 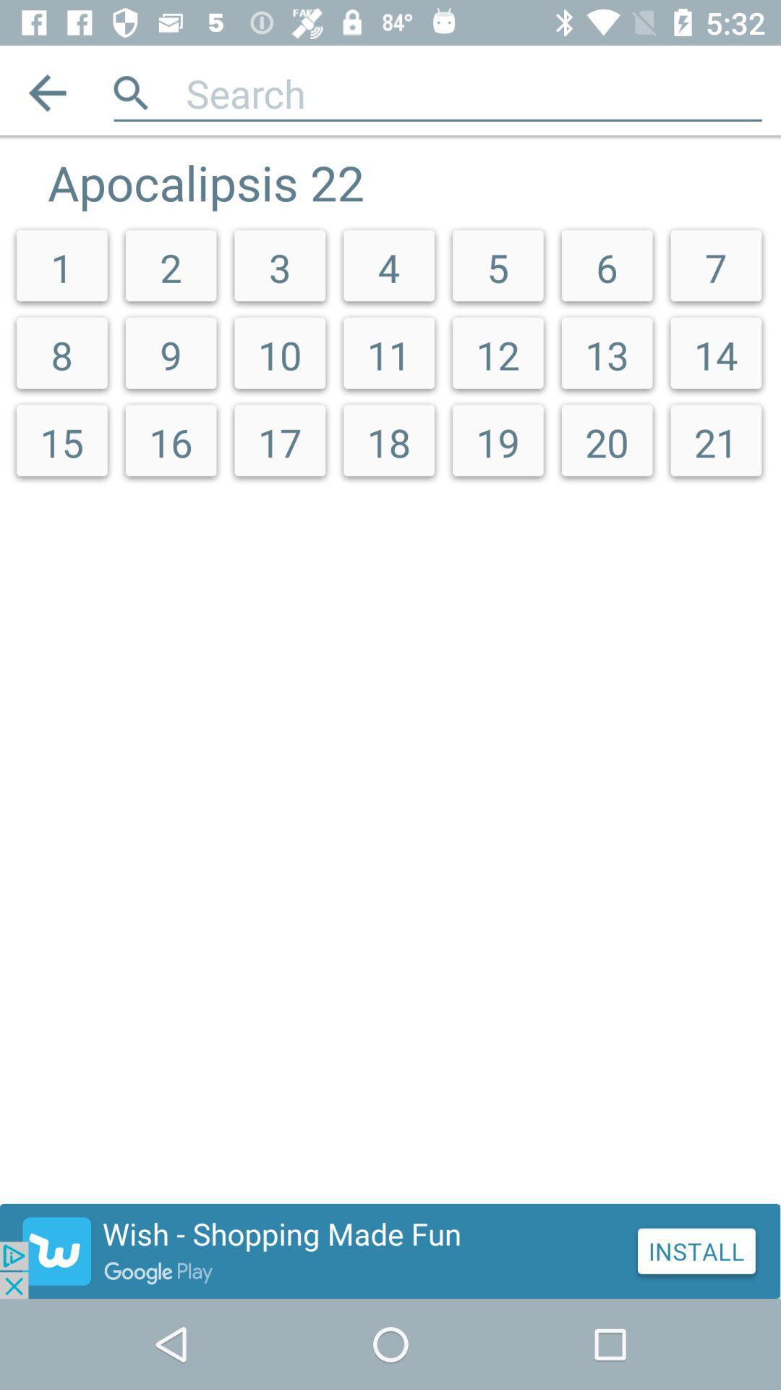 I want to click on show outside advertisement, so click(x=390, y=1250).